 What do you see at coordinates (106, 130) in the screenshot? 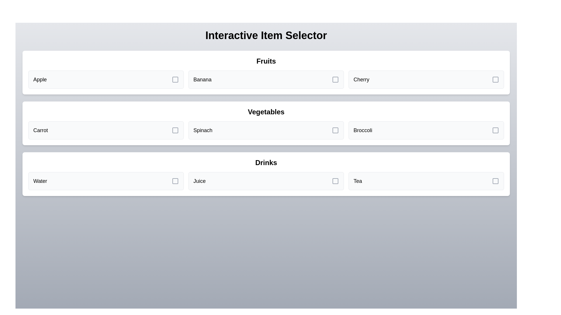
I see `the item Carrot from the grid` at bounding box center [106, 130].